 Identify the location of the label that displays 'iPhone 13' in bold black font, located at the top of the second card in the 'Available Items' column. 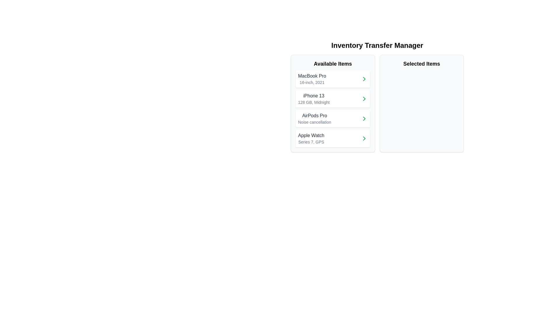
(314, 95).